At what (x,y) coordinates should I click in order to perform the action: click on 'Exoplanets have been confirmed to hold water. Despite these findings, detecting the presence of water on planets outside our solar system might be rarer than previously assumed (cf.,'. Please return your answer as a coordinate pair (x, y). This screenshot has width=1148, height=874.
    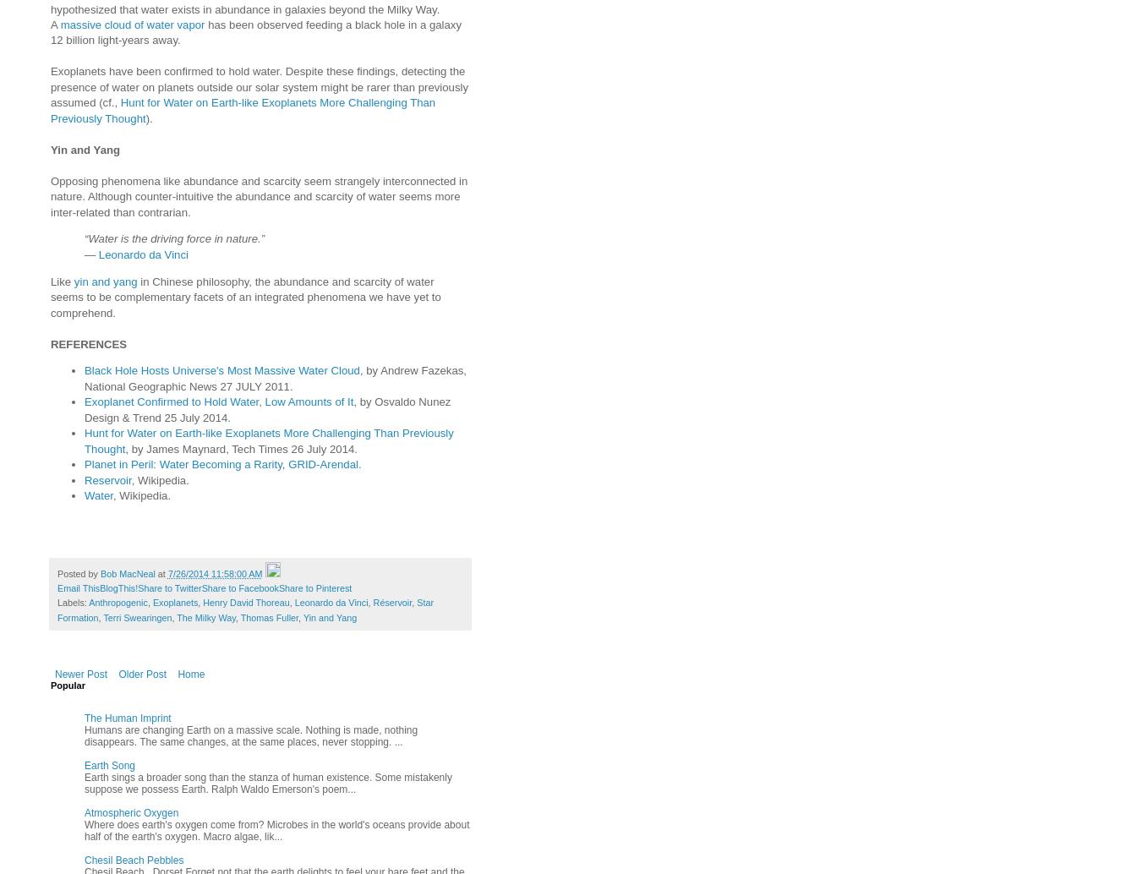
    Looking at the image, I should click on (51, 86).